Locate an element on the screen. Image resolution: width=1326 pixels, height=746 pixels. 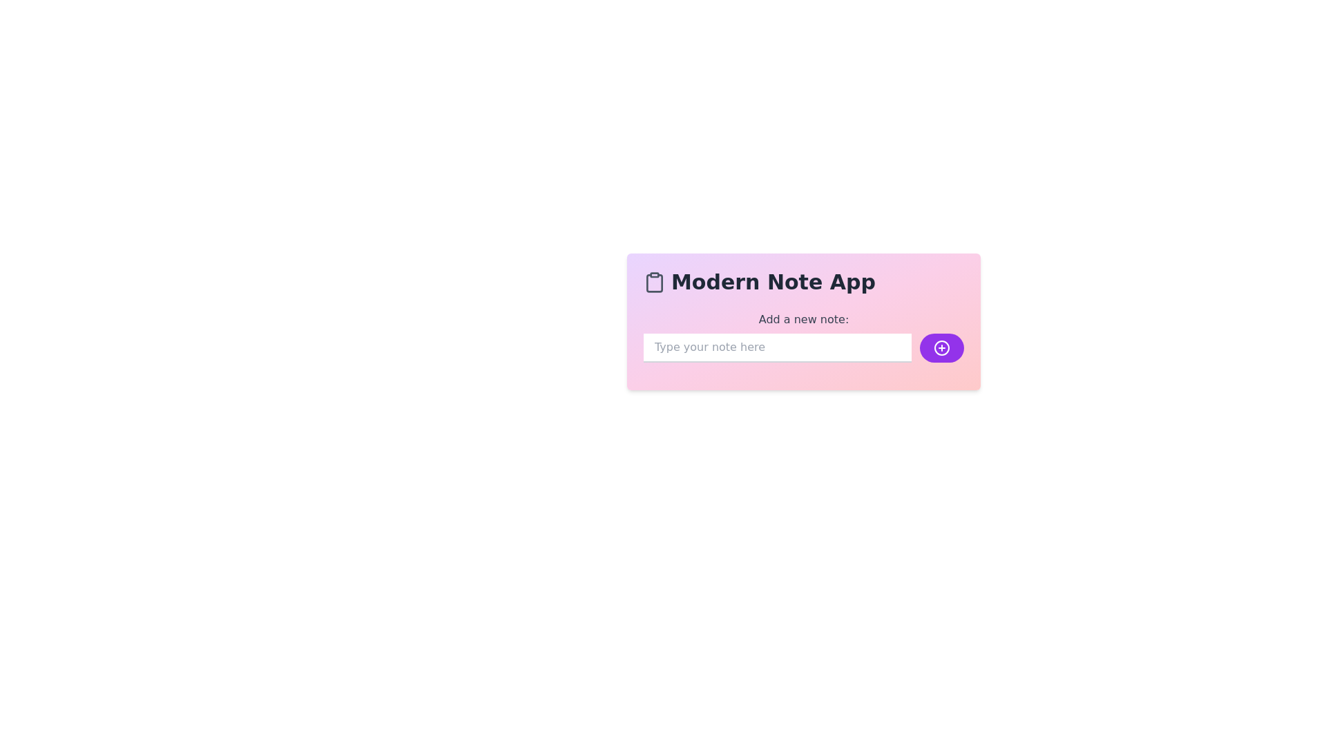
the button used for adding a new note, located immediately to the right of the text input field labeled 'Type your note here' is located at coordinates (941, 347).